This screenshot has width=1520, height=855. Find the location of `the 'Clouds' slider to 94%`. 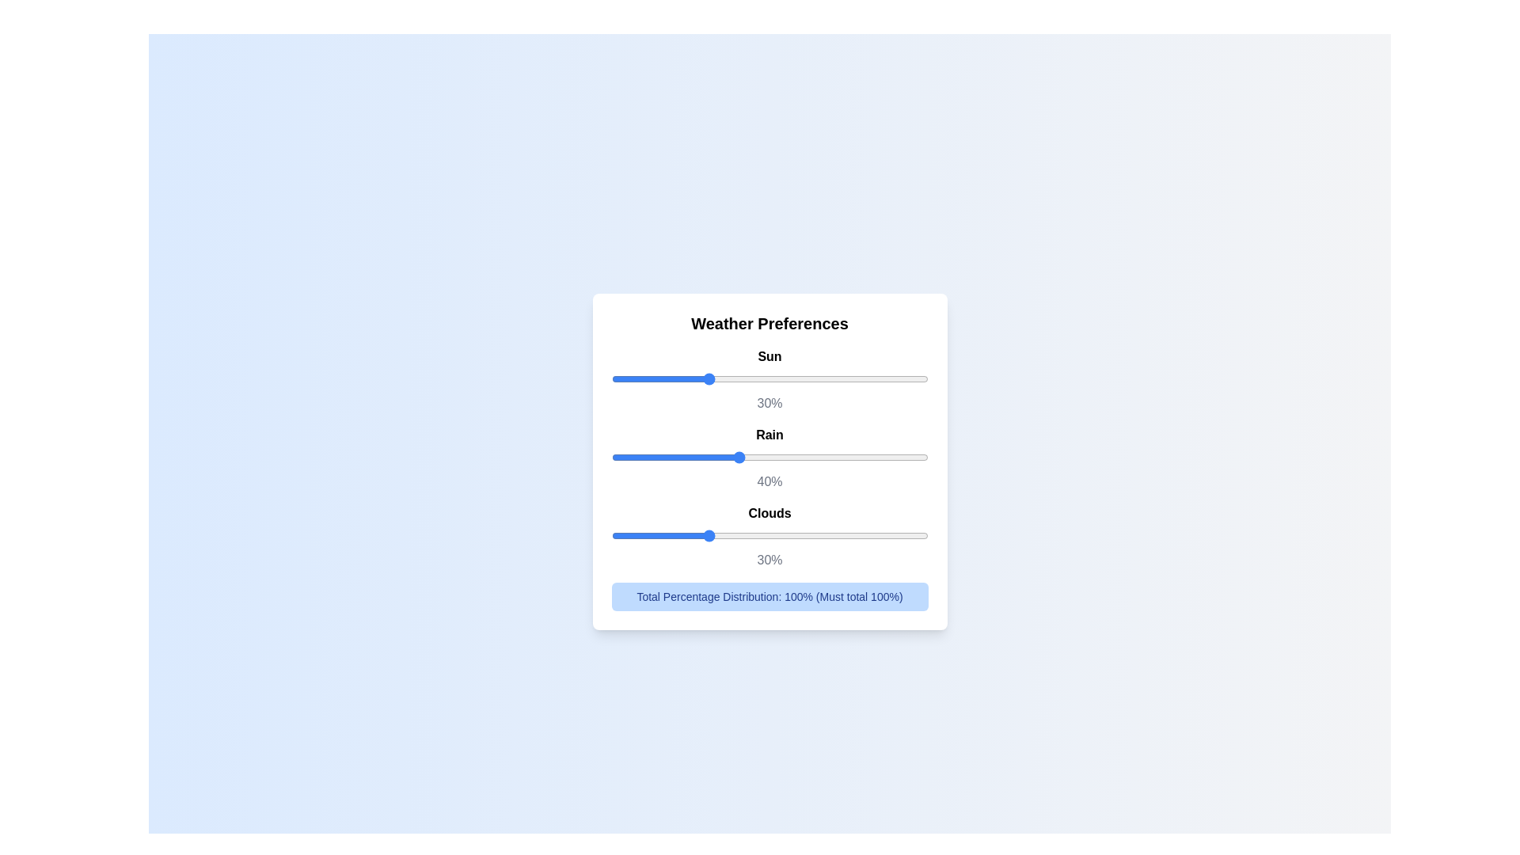

the 'Clouds' slider to 94% is located at coordinates (909, 534).